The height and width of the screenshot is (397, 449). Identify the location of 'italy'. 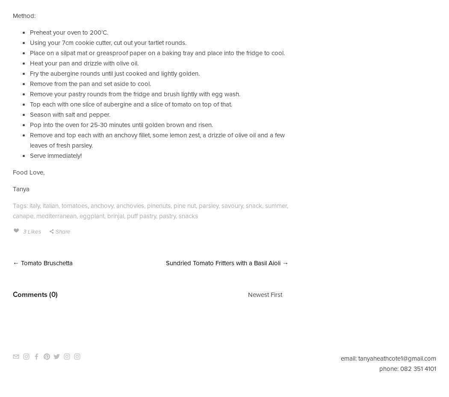
(34, 204).